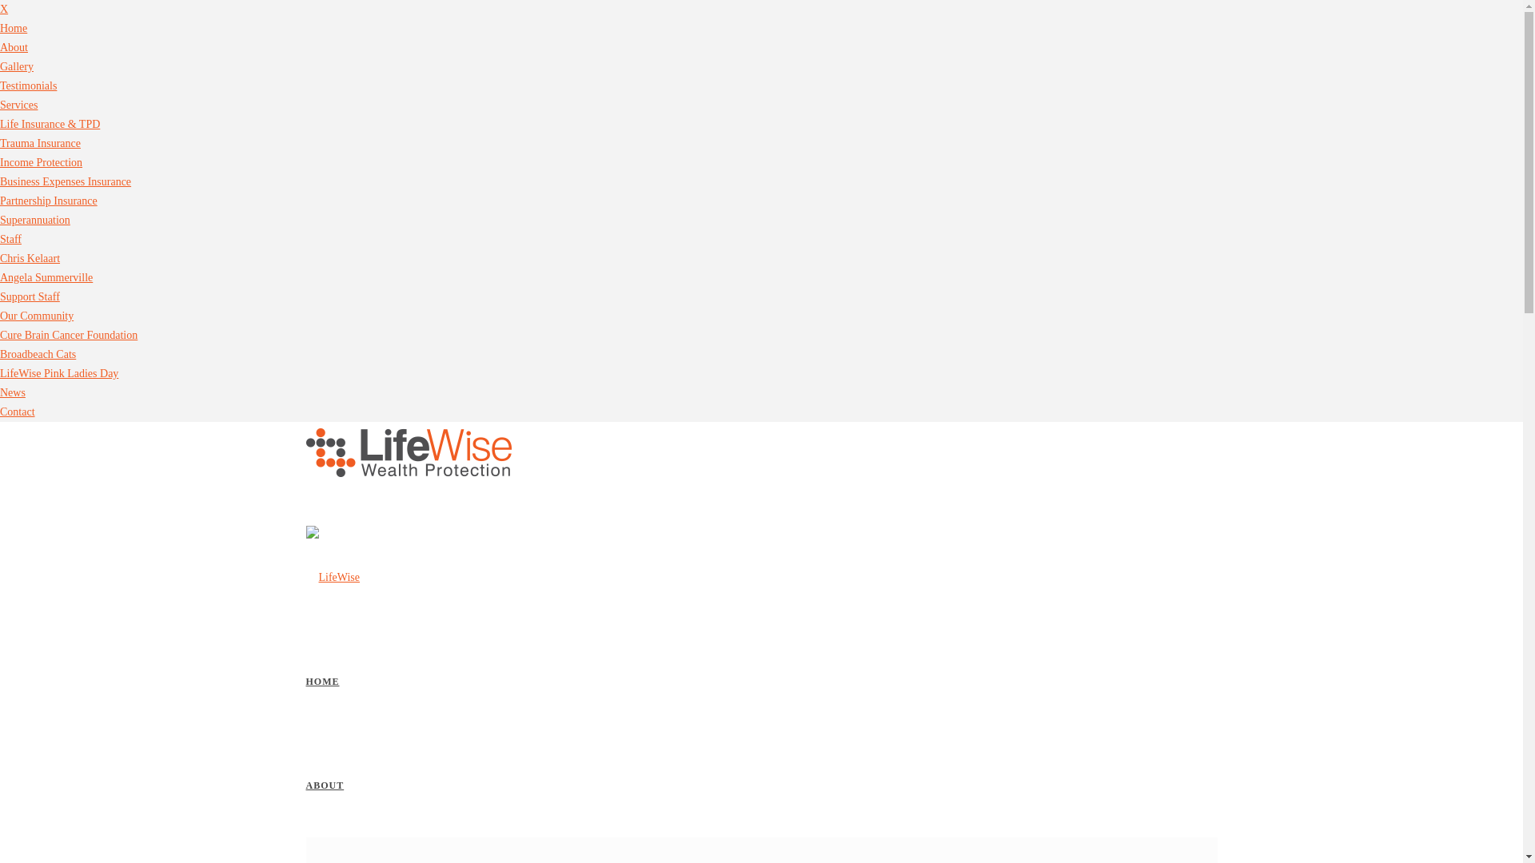  Describe the element at coordinates (68, 334) in the screenshot. I see `'Cure Brain Cancer Foundation'` at that location.